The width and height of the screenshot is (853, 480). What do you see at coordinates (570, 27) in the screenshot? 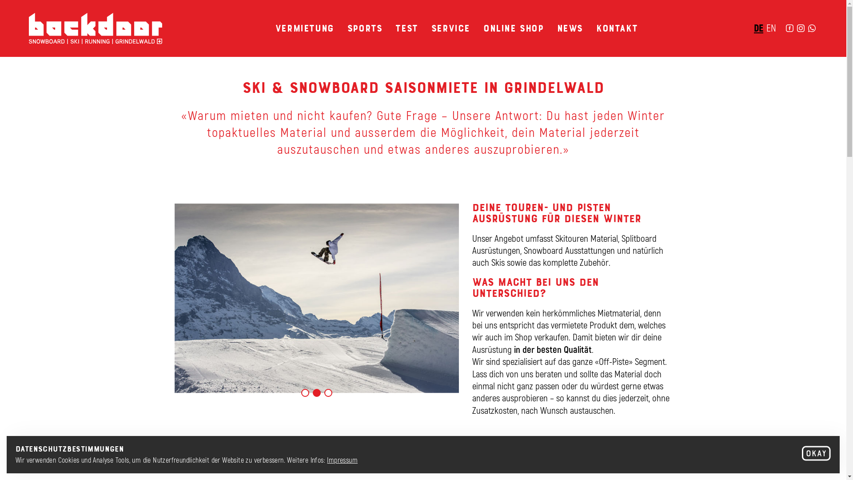
I see `'News'` at bounding box center [570, 27].